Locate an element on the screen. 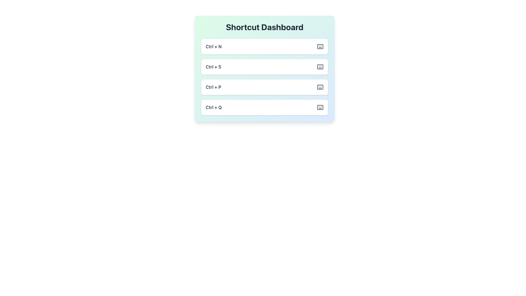 This screenshot has width=526, height=296. the keyboard-shaped icon, which is dark gray and located on the far right of the 'Ctrl + S' shortcut action in the vertical stack is located at coordinates (320, 66).